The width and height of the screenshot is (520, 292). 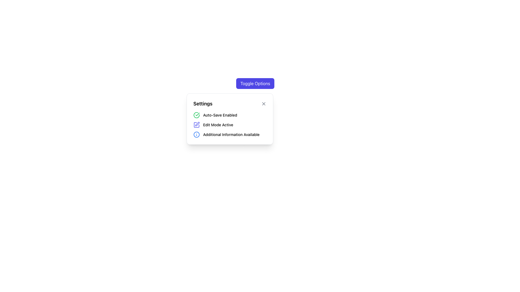 What do you see at coordinates (231, 134) in the screenshot?
I see `the text label that reads 'Additional Information Available', which is styled in medium-sized black font and positioned next to a blue information icon in the white settings panel` at bounding box center [231, 134].